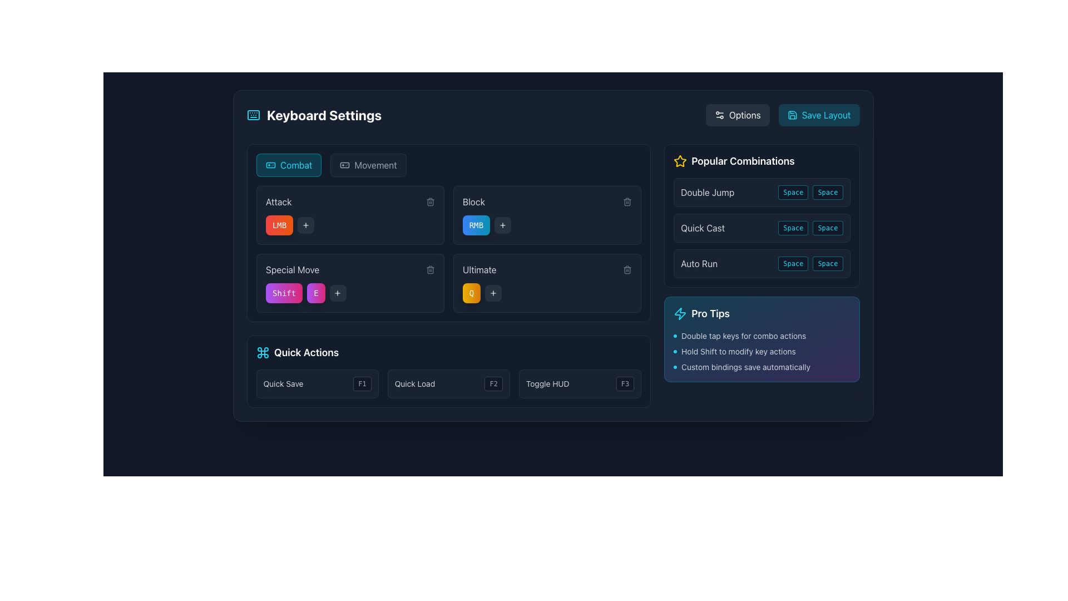  What do you see at coordinates (476, 225) in the screenshot?
I see `the 'RMB' button for the 'Block' action located in the 'Keyboard Settings' interface section, positioned within the 'Combat' tab` at bounding box center [476, 225].